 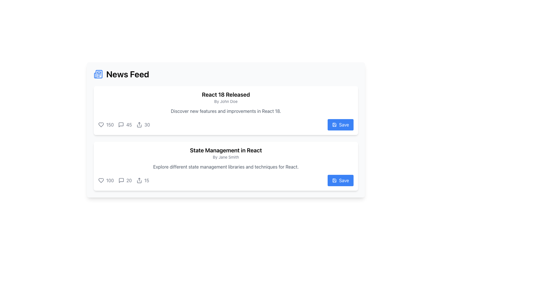 I want to click on the bold text label 'News Feed' located near the top-left part of the interface, right of a blue newspaper icon, so click(x=127, y=74).